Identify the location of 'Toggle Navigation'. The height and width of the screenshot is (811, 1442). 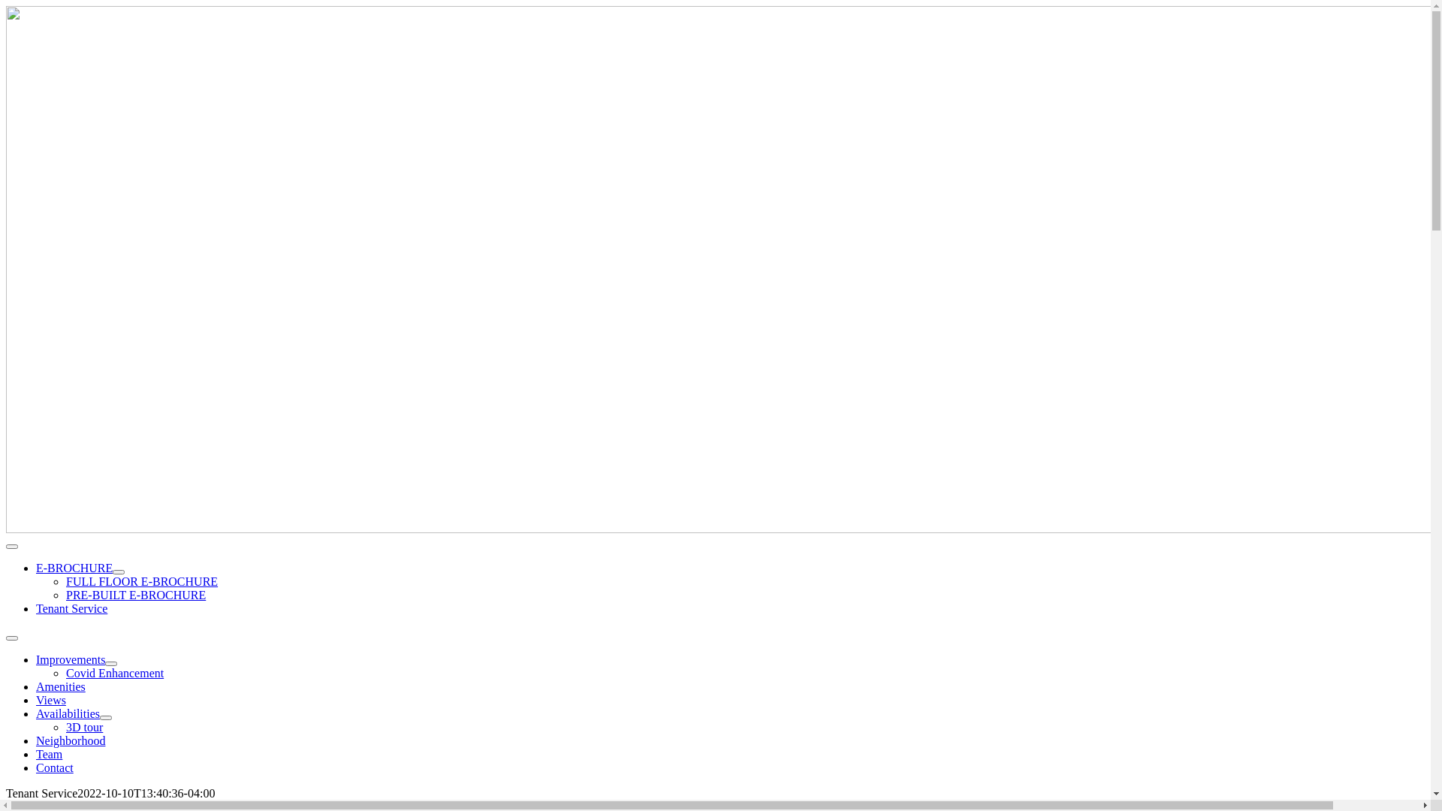
(6, 547).